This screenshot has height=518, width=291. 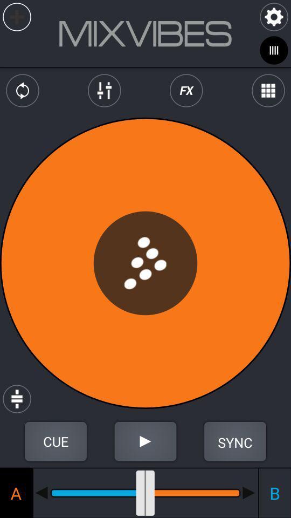 I want to click on setting up, so click(x=56, y=441).